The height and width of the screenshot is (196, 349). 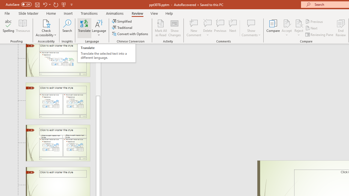 What do you see at coordinates (130, 34) in the screenshot?
I see `'Convert with Options...'` at bounding box center [130, 34].